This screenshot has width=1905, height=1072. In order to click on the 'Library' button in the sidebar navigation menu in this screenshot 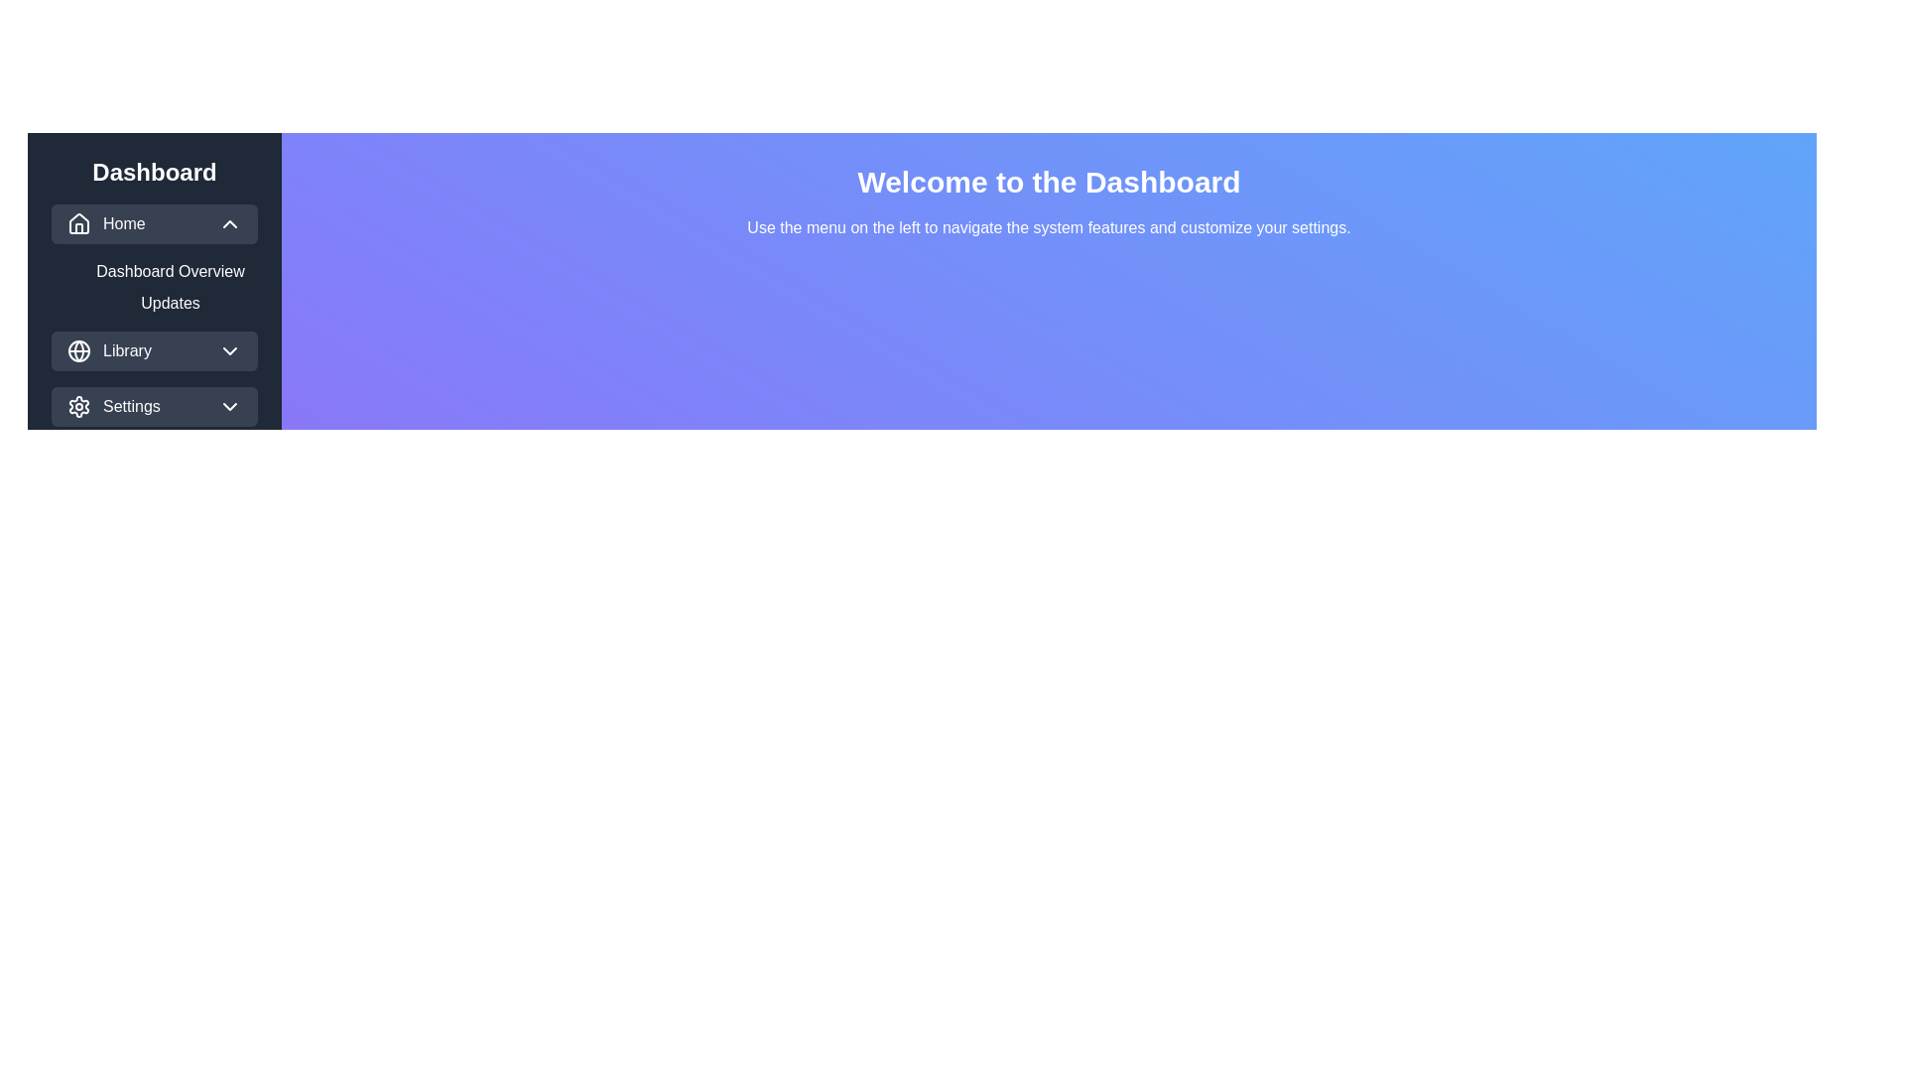, I will do `click(154, 350)`.